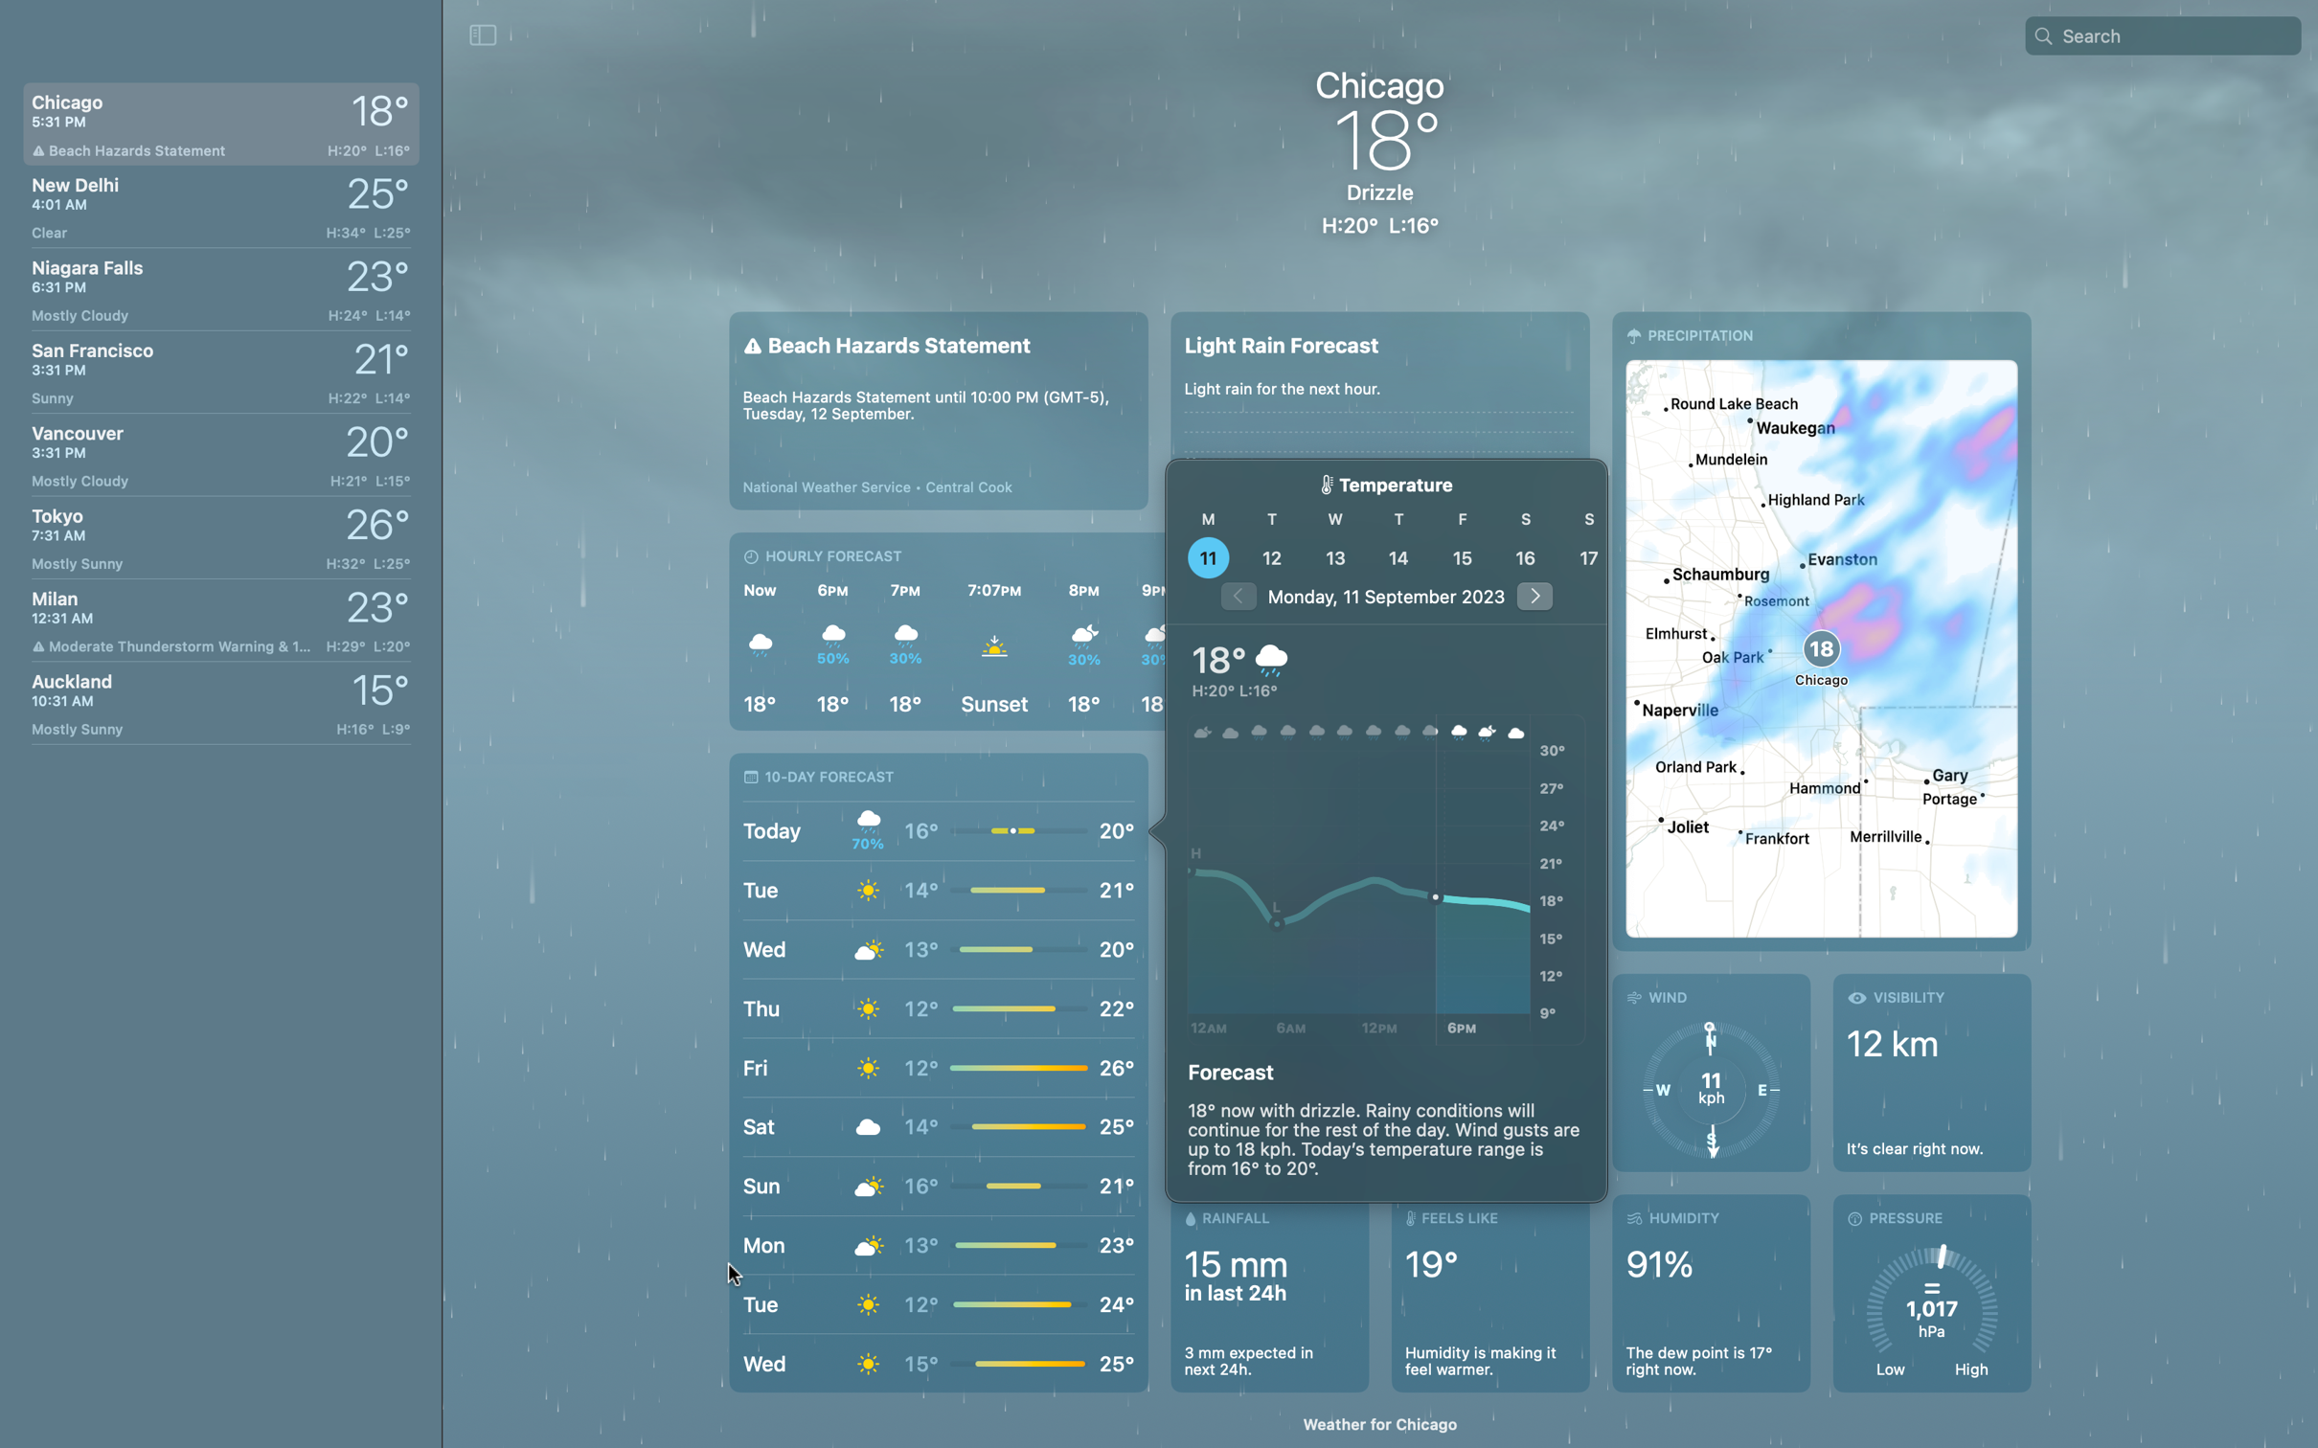  Describe the element at coordinates (216, 366) in the screenshot. I see `Inspect the meteorological condition in San Francisco` at that location.